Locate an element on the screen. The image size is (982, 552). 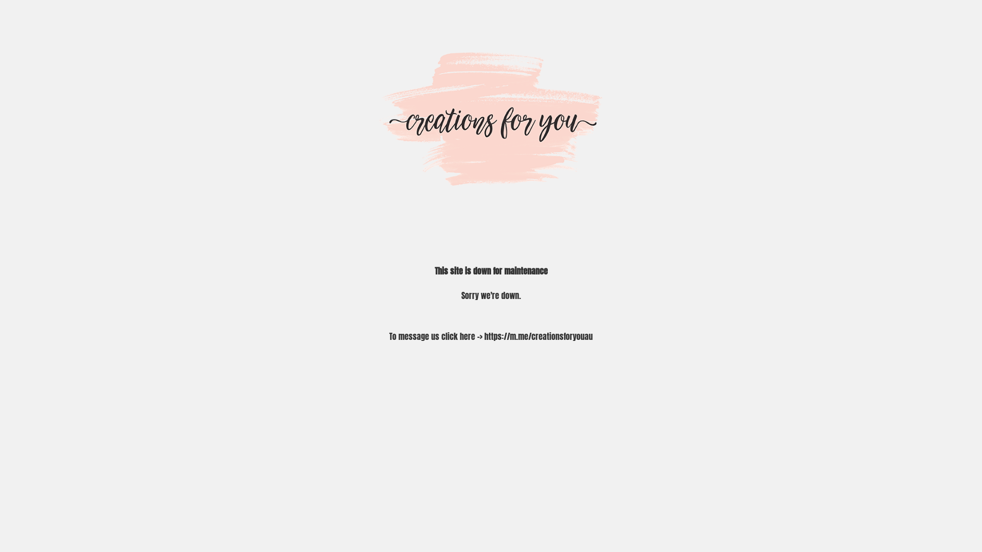
'https://m.me/creationsforyouau' is located at coordinates (538, 336).